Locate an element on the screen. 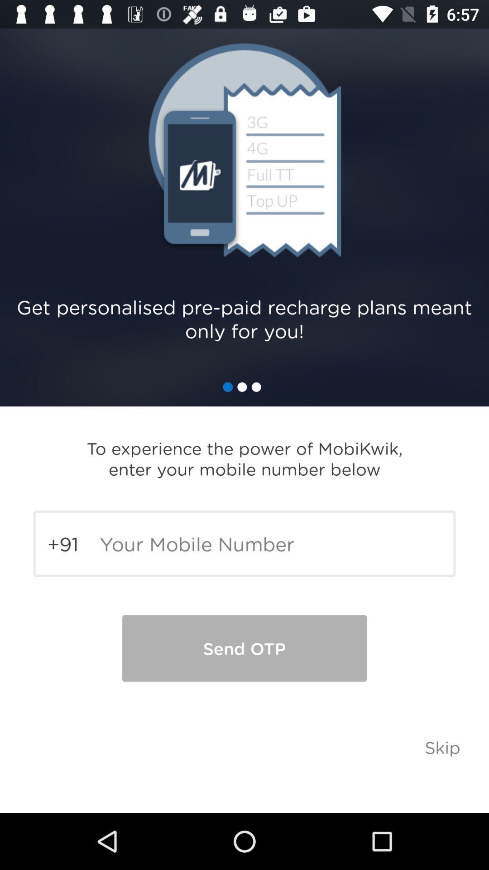 The height and width of the screenshot is (870, 489). the item at the bottom right corner is located at coordinates (442, 747).